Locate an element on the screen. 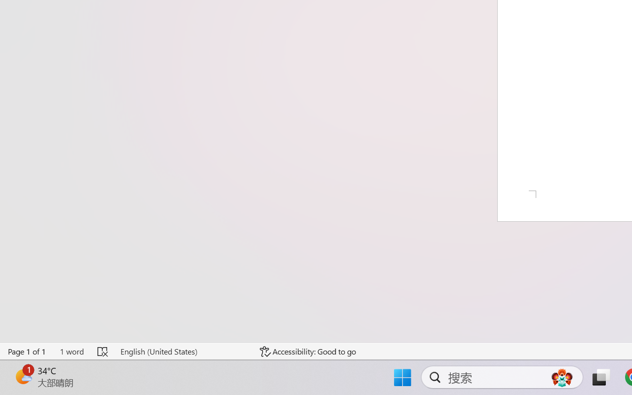 The width and height of the screenshot is (632, 395). 'Spelling and Grammar Check Errors' is located at coordinates (103, 351).